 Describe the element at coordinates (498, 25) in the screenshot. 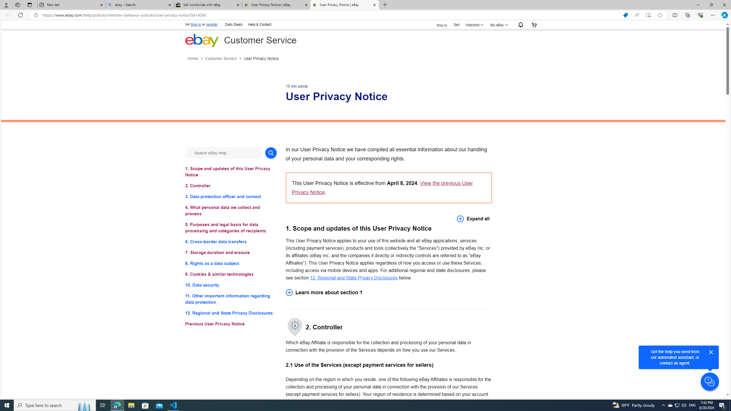

I see `'My eBay'` at that location.